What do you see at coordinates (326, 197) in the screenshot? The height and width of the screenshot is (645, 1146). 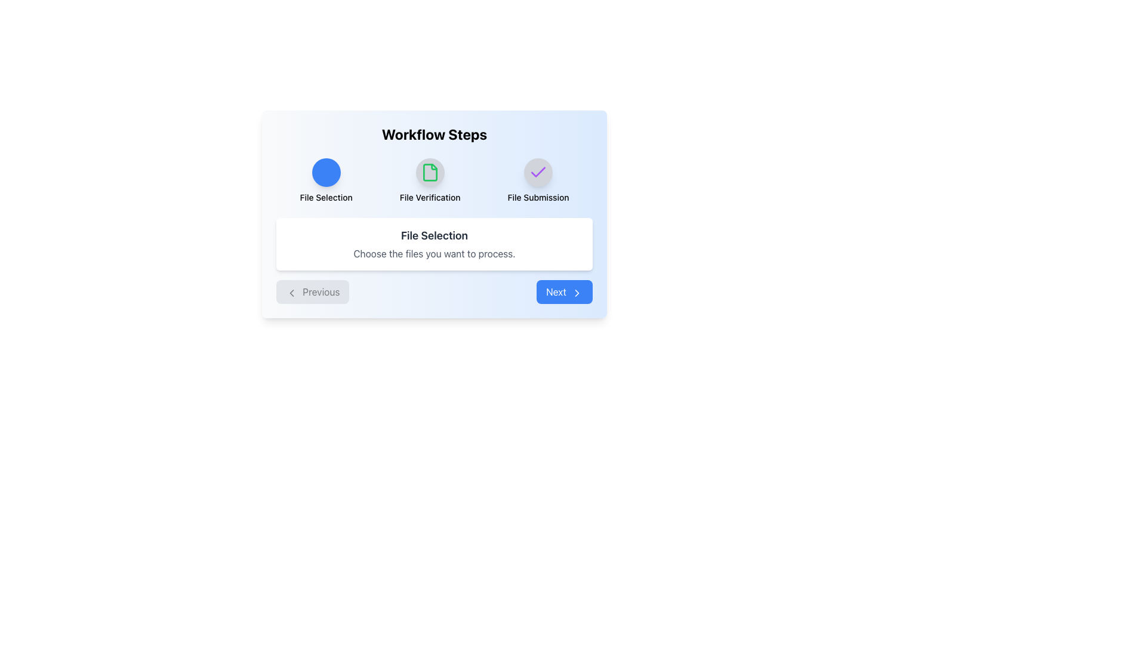 I see `the 'File Selection' text label, which is a small medium-weight font label located centrally below a blue circular icon in the interface` at bounding box center [326, 197].